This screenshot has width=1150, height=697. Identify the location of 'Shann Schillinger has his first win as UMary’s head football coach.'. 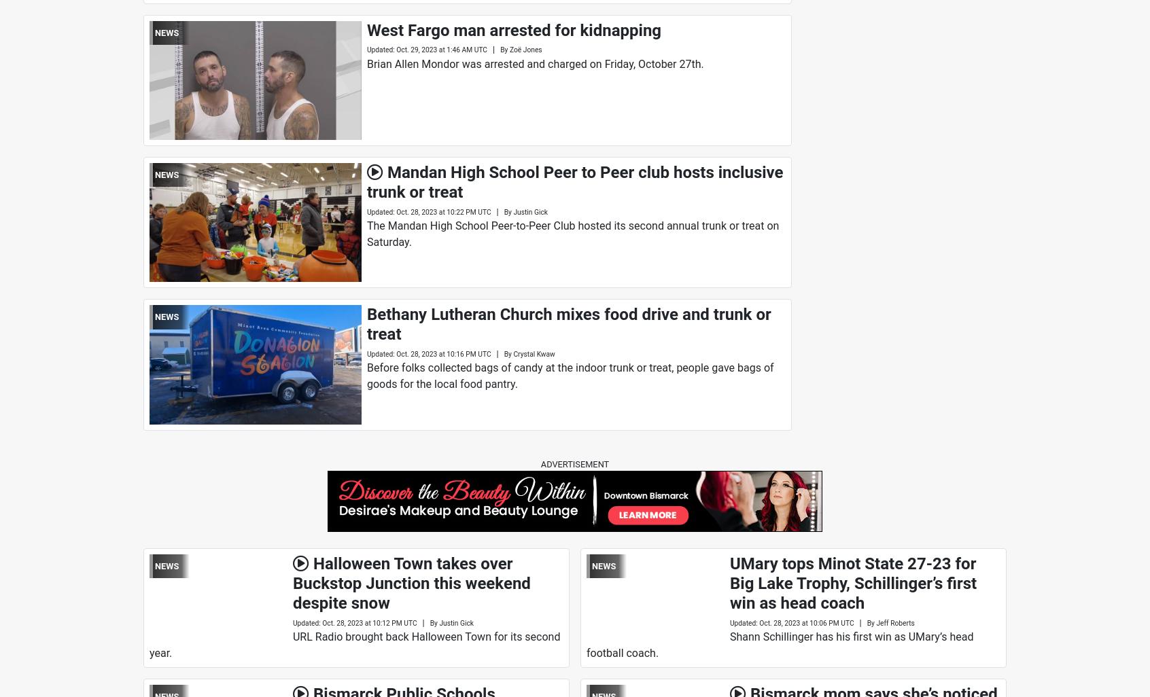
(779, 644).